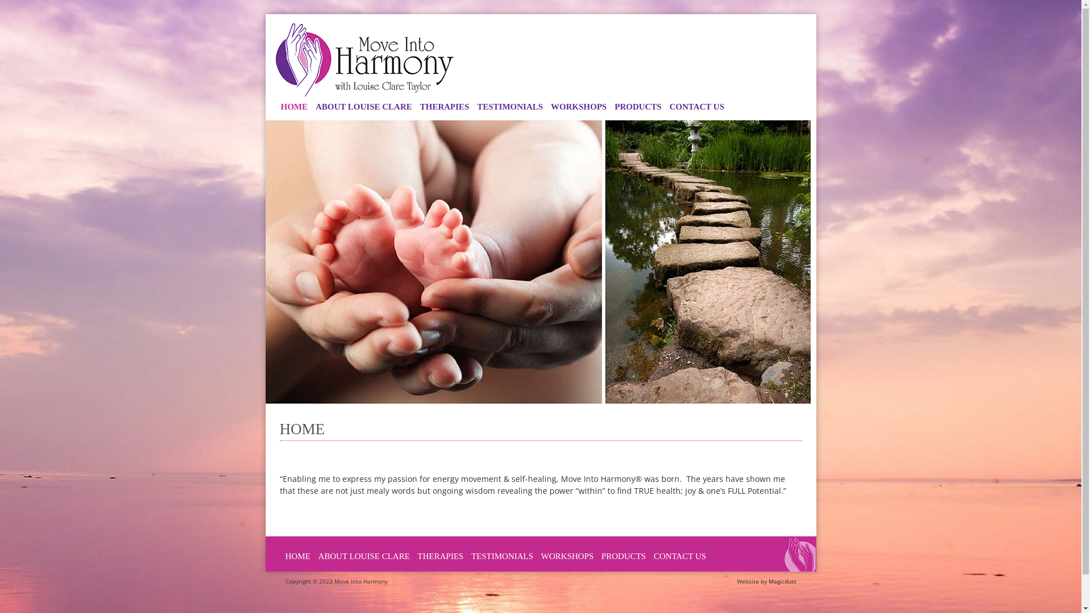 The width and height of the screenshot is (1090, 613). What do you see at coordinates (567, 555) in the screenshot?
I see `'WORKSHOPS'` at bounding box center [567, 555].